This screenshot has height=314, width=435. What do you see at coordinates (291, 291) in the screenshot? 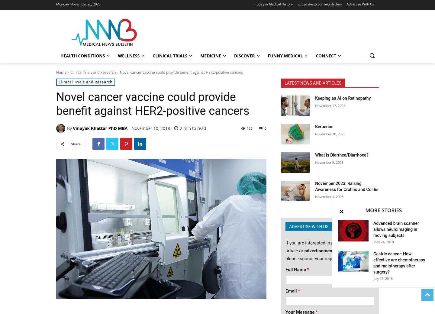
I see `'Email'` at bounding box center [291, 291].